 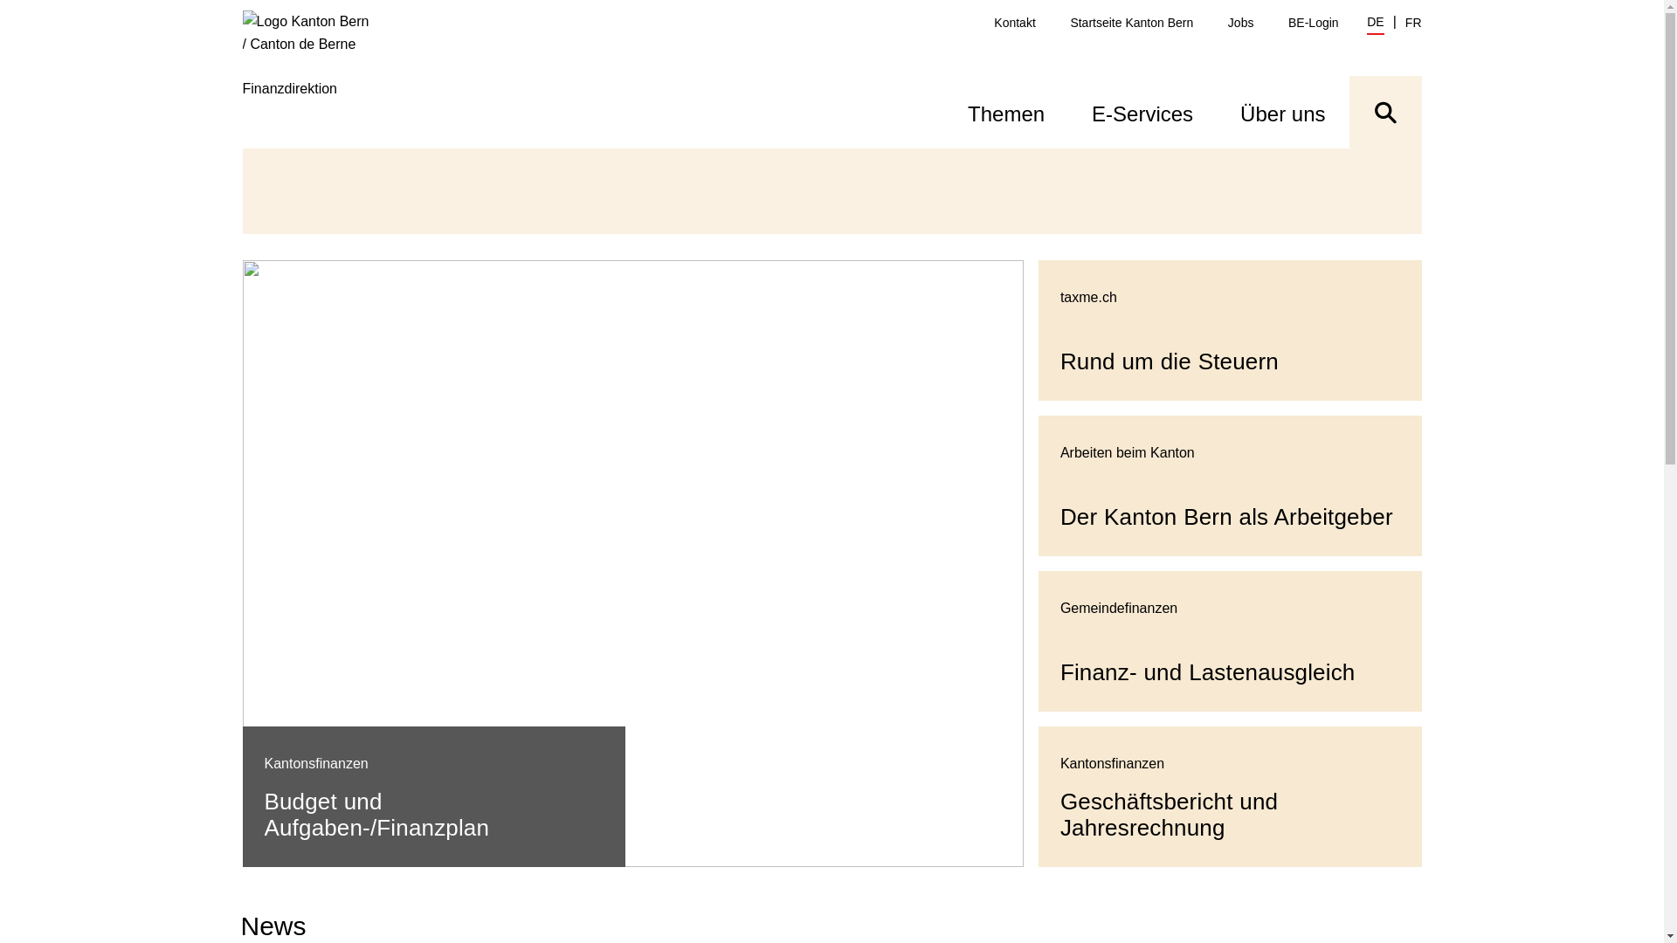 I want to click on 'Jobs', so click(x=1239, y=23).